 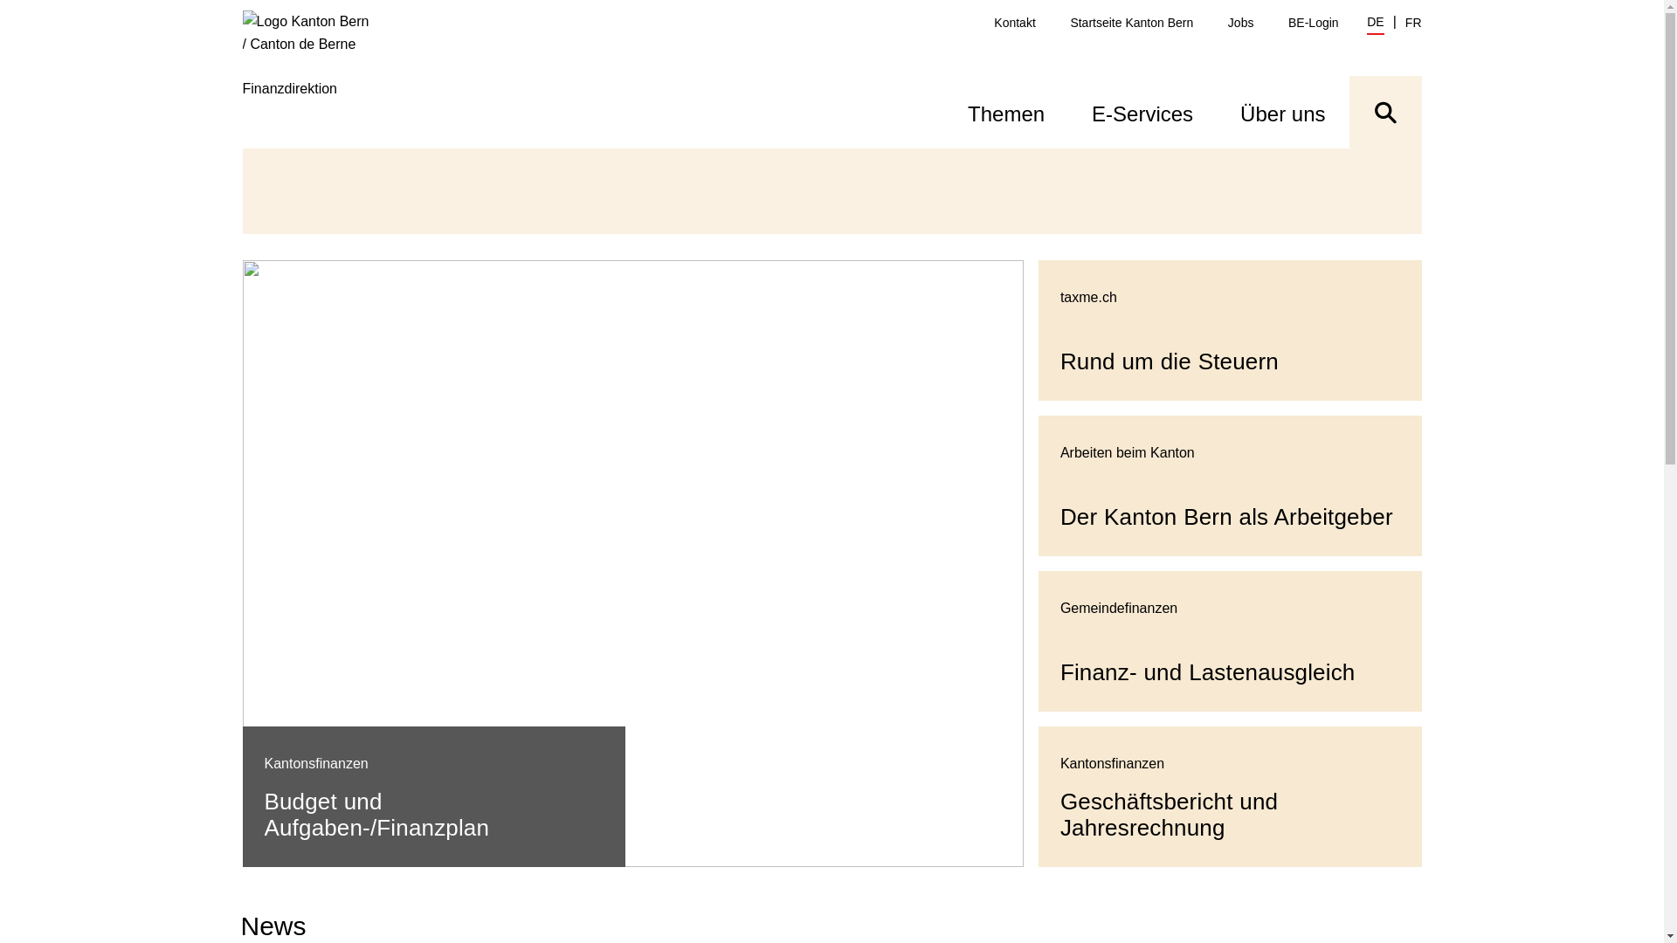 I want to click on 'Jobs', so click(x=1239, y=23).